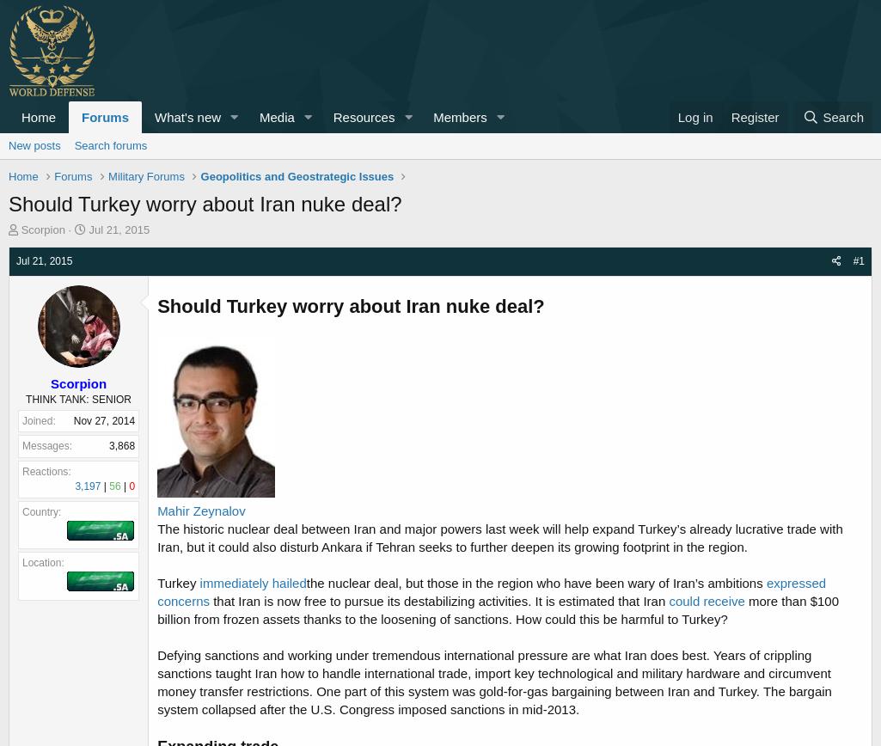  What do you see at coordinates (535, 583) in the screenshot?
I see `'the nuclear deal, but those in the region who have been wary of Iran’s ambitions'` at bounding box center [535, 583].